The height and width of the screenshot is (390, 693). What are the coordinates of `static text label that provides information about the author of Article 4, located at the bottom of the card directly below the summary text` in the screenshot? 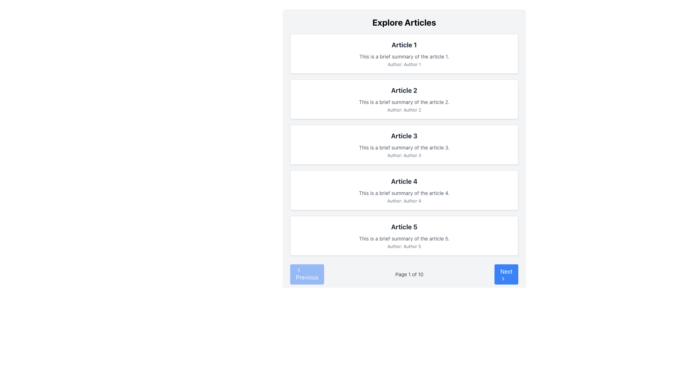 It's located at (404, 201).